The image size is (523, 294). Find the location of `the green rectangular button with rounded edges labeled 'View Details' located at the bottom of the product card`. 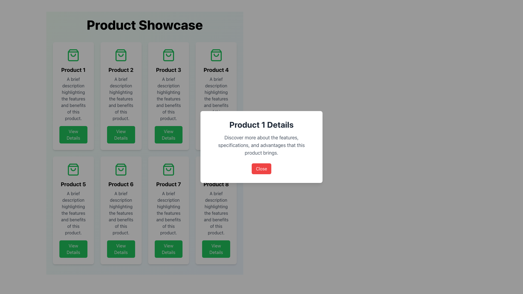

the green rectangular button with rounded edges labeled 'View Details' located at the bottom of the product card is located at coordinates (73, 134).